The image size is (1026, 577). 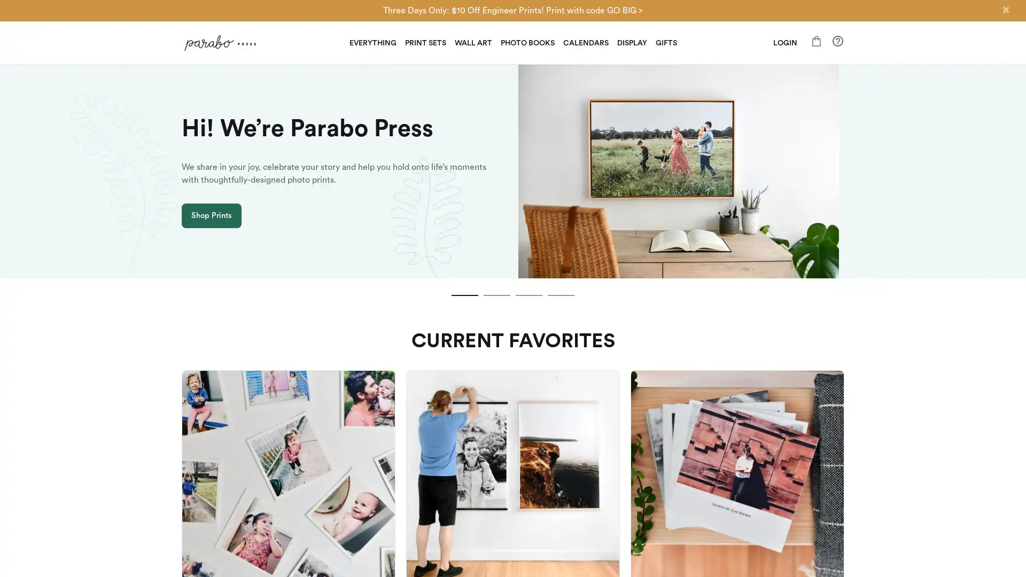 I want to click on slide dot, so click(x=528, y=295).